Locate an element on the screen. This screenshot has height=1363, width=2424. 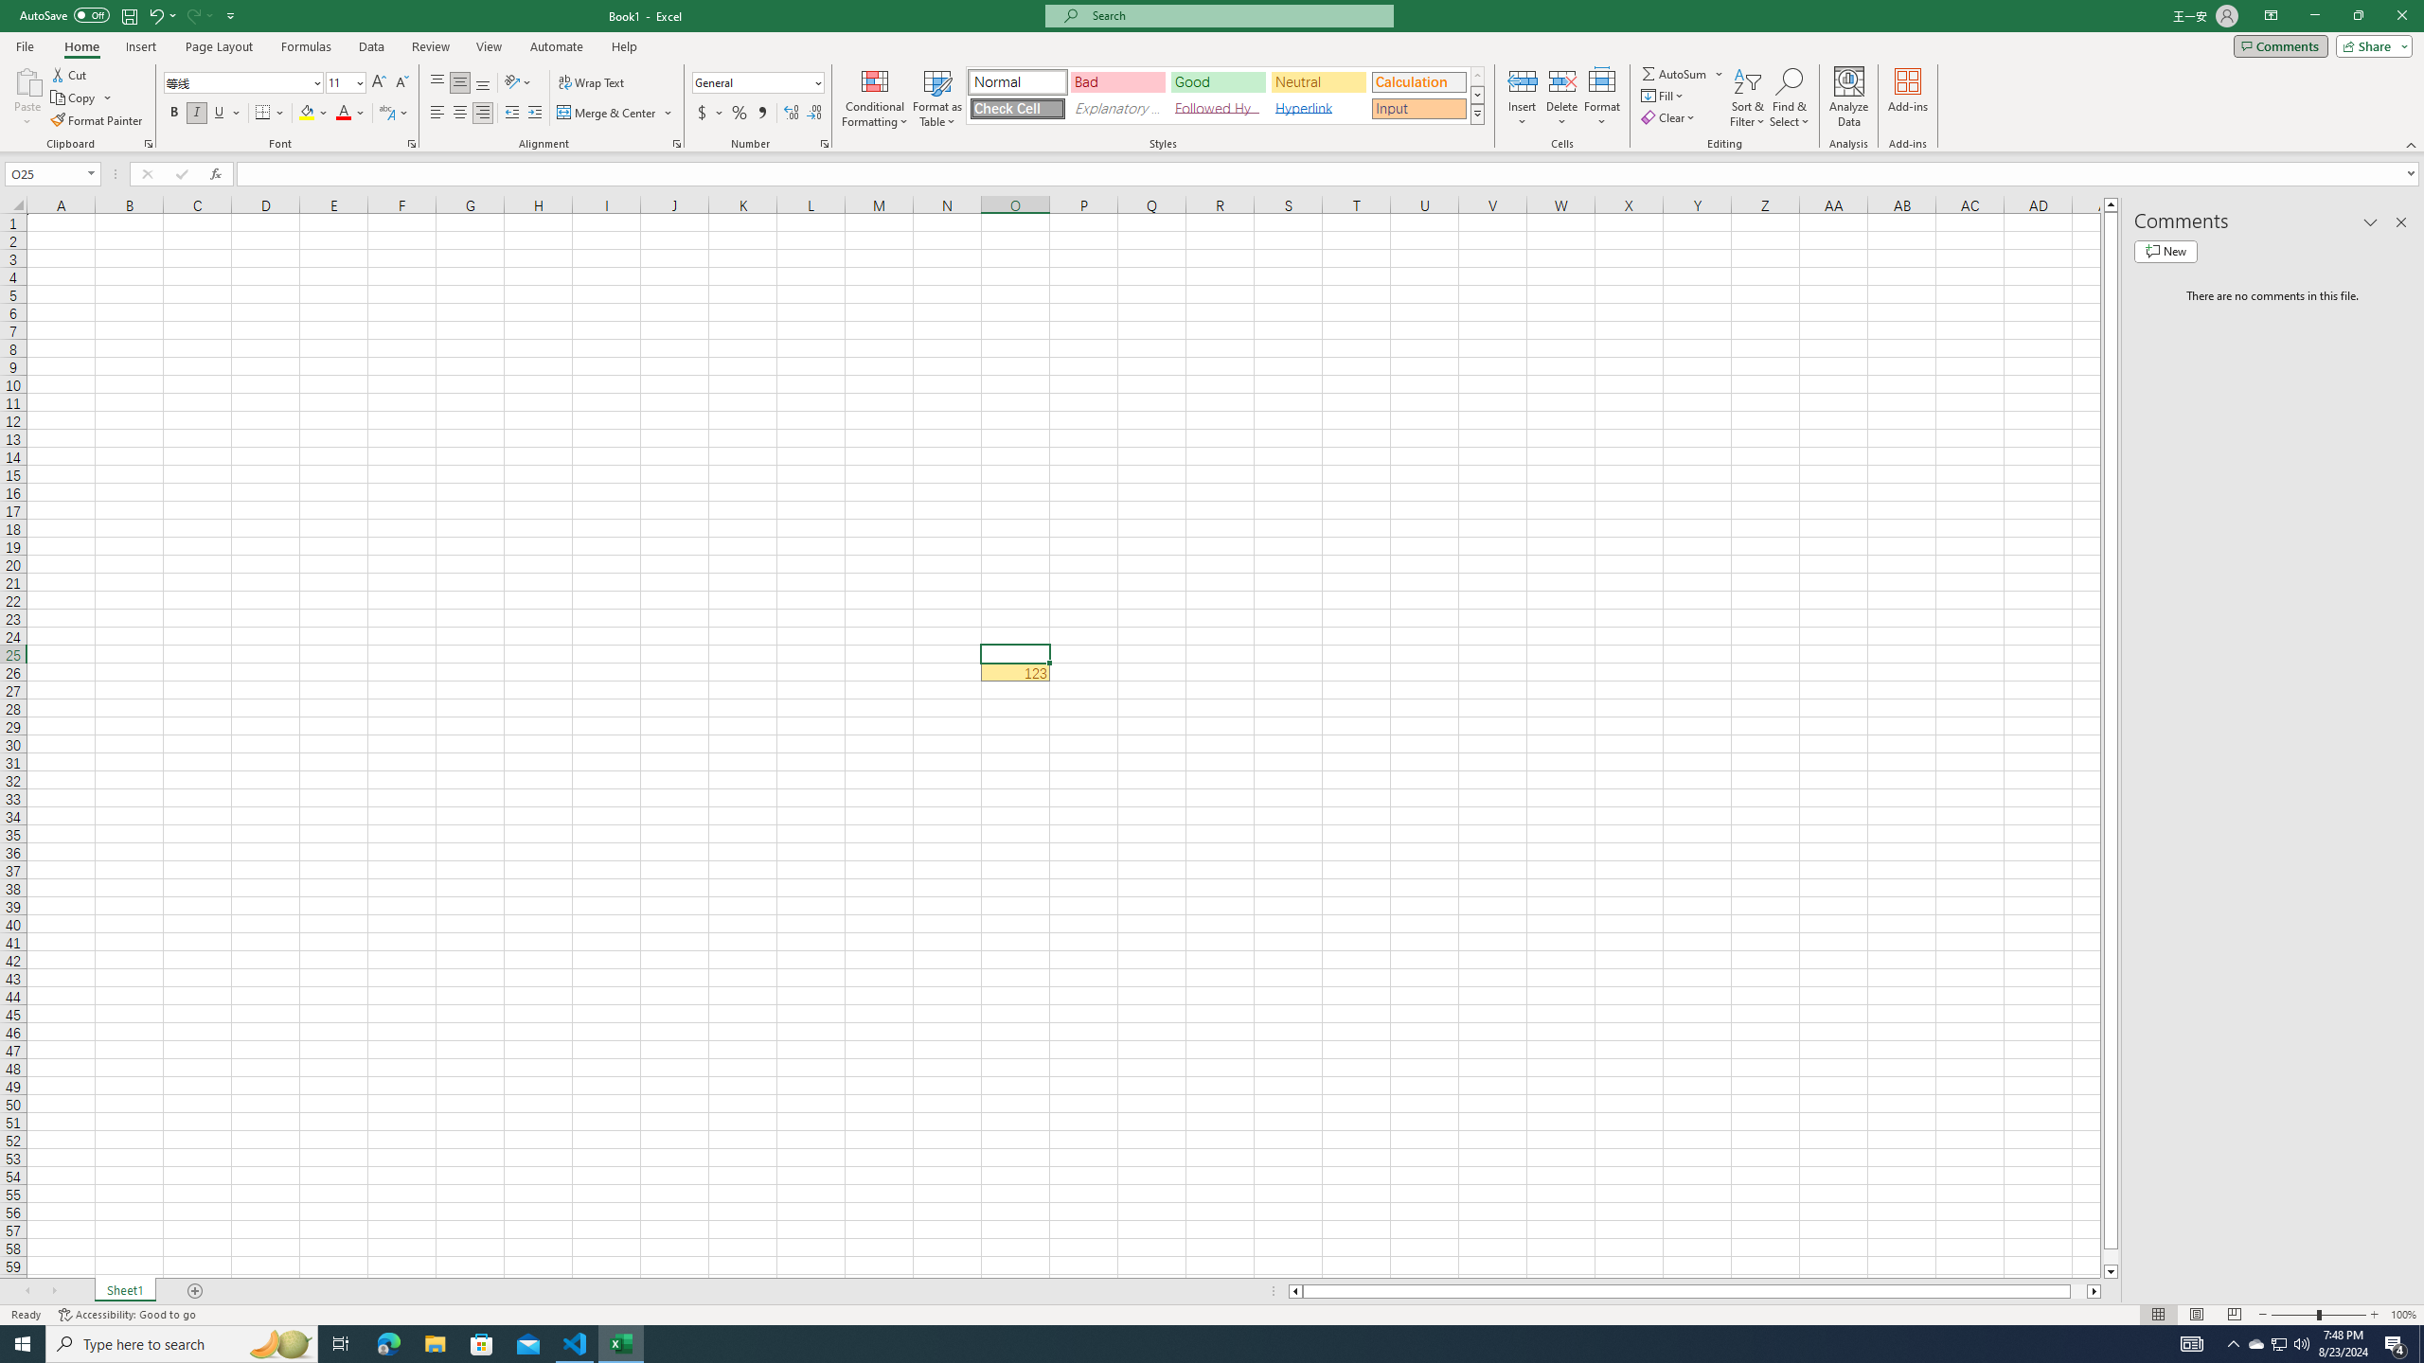
'AutoSum' is located at coordinates (1683, 73).